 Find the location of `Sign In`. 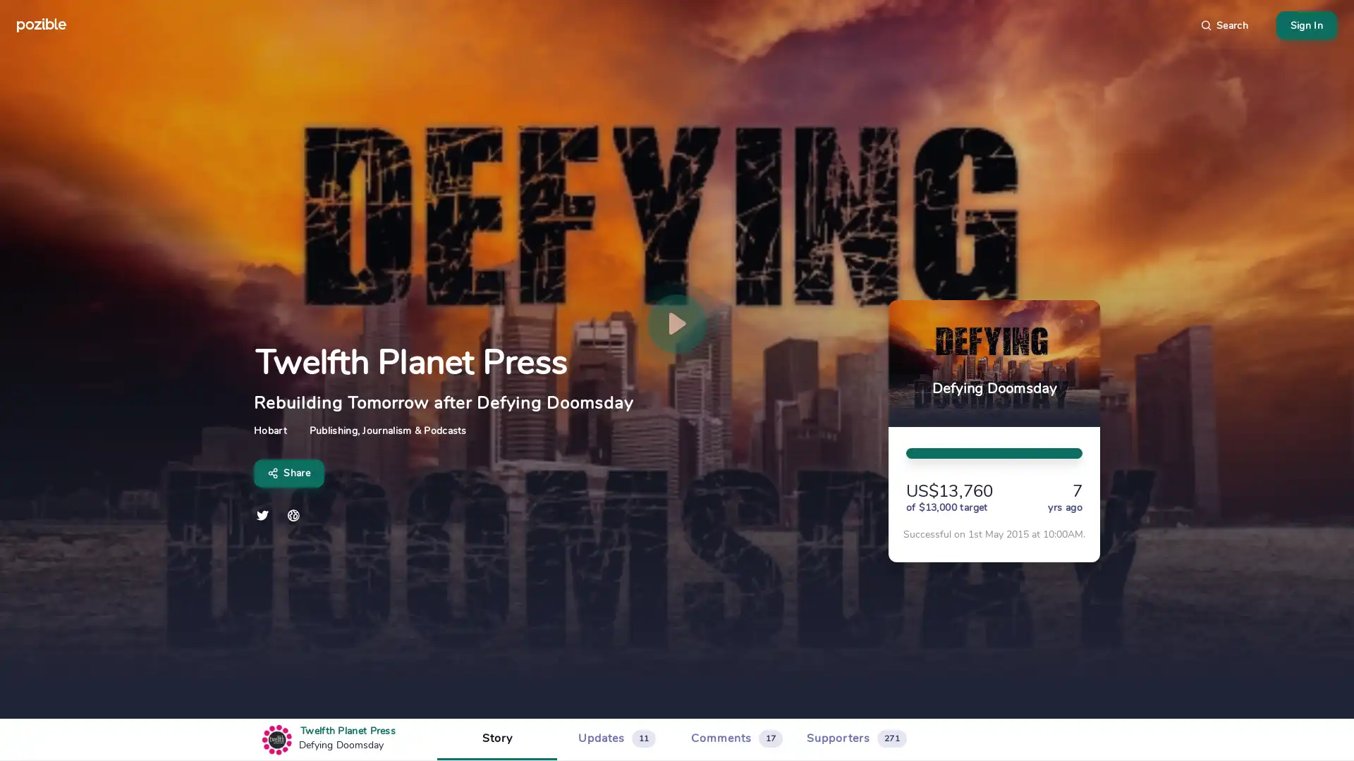

Sign In is located at coordinates (1305, 25).